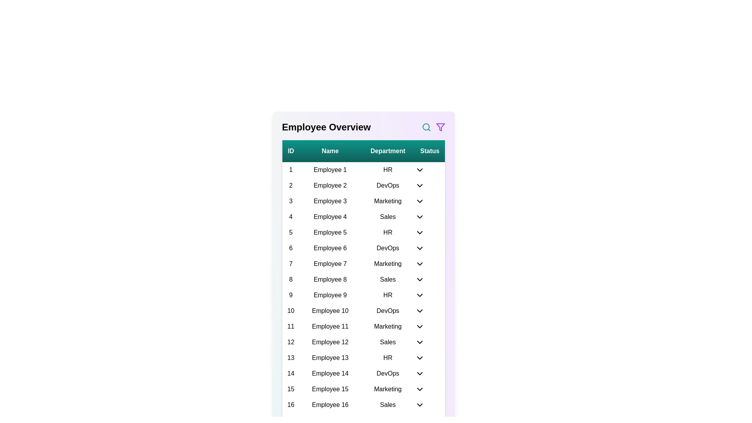 This screenshot has height=423, width=752. I want to click on the ID header to sort the table data, so click(290, 151).